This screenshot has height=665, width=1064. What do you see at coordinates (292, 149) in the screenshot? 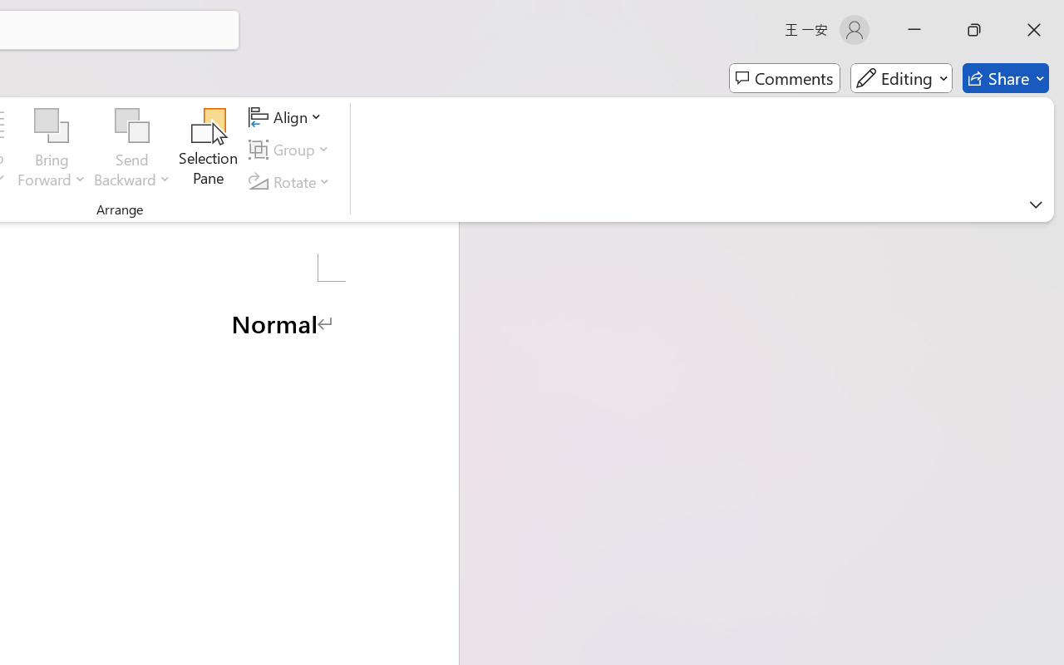
I see `'Group'` at bounding box center [292, 149].